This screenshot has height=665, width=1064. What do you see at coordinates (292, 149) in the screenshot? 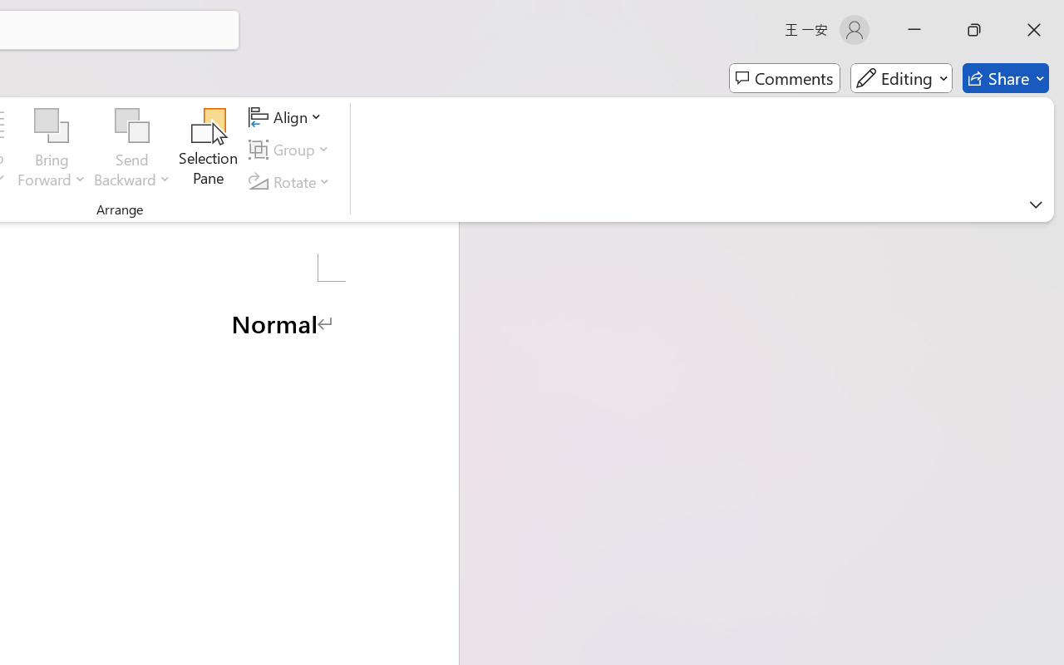
I see `'Group'` at bounding box center [292, 149].